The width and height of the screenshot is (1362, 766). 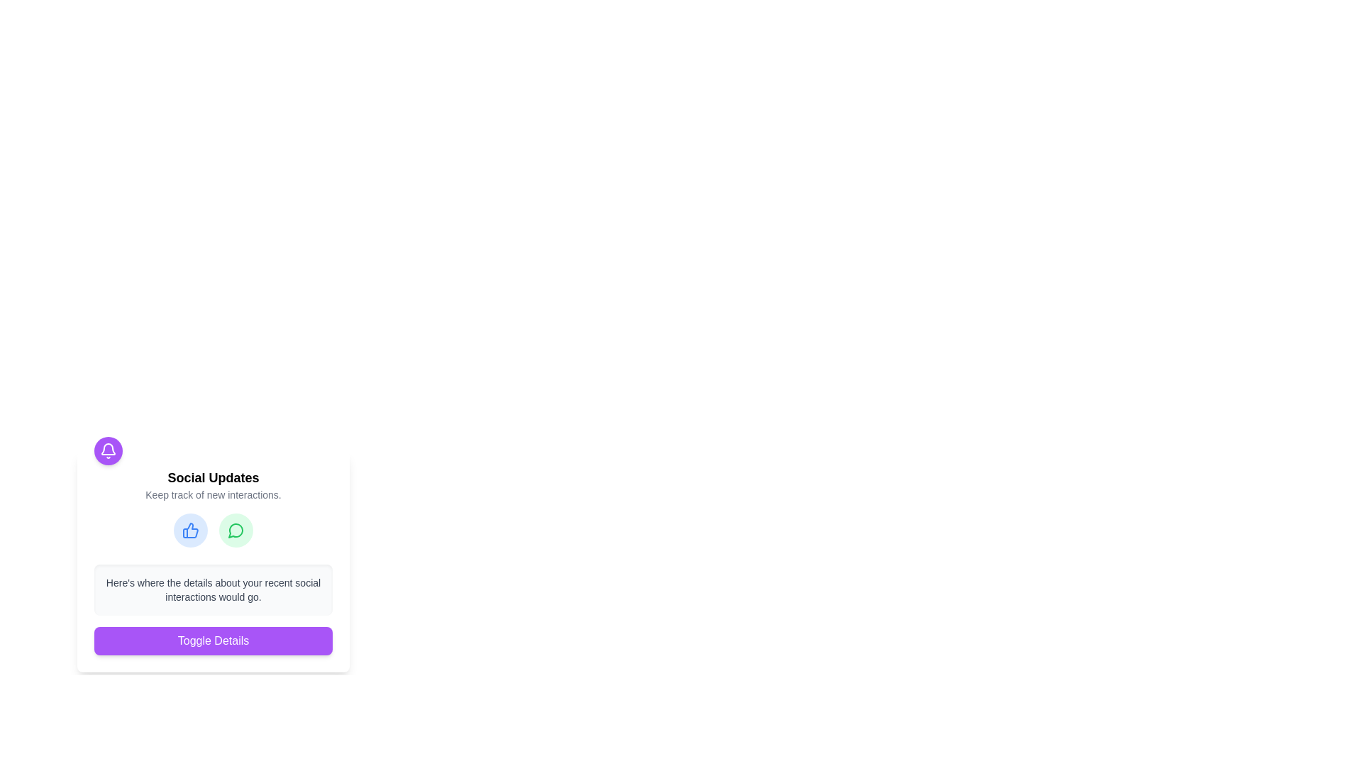 I want to click on the text block reading "Here's where the details about your recent social interactions would go," which is located in a light gray rectangular panel near the bottom of the card-style layout, so click(x=213, y=590).